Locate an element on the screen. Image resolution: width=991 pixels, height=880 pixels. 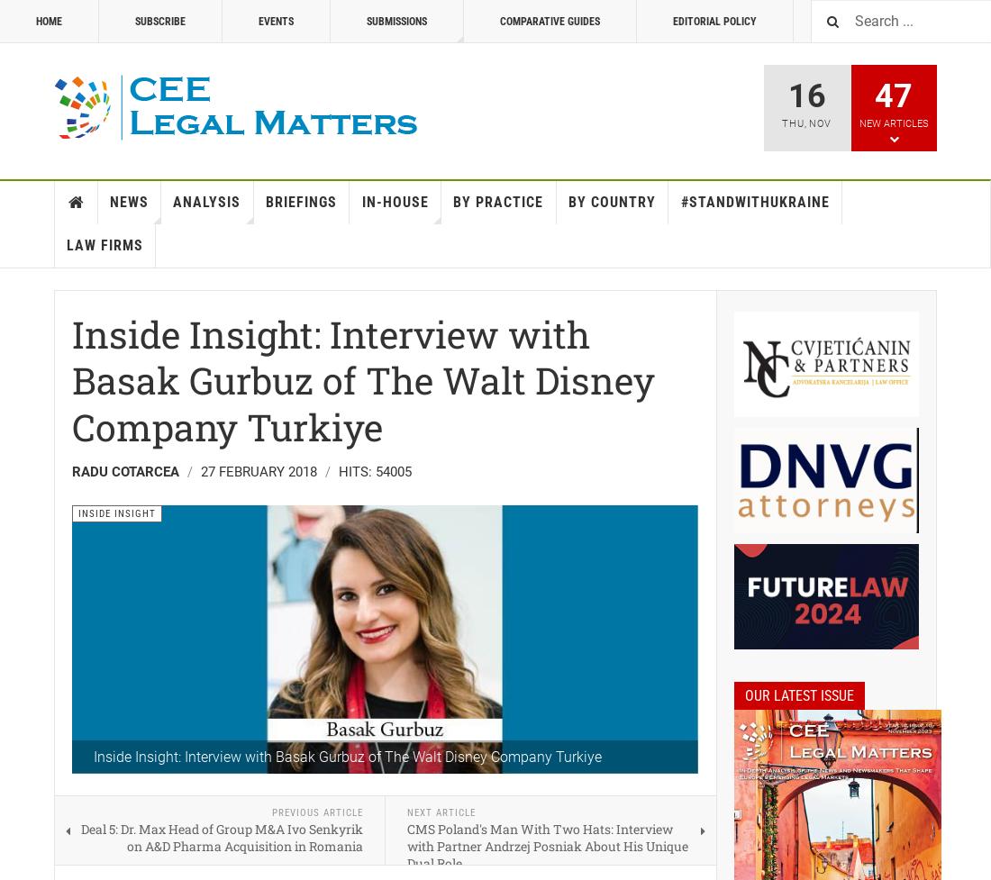
'16' is located at coordinates (805, 95).